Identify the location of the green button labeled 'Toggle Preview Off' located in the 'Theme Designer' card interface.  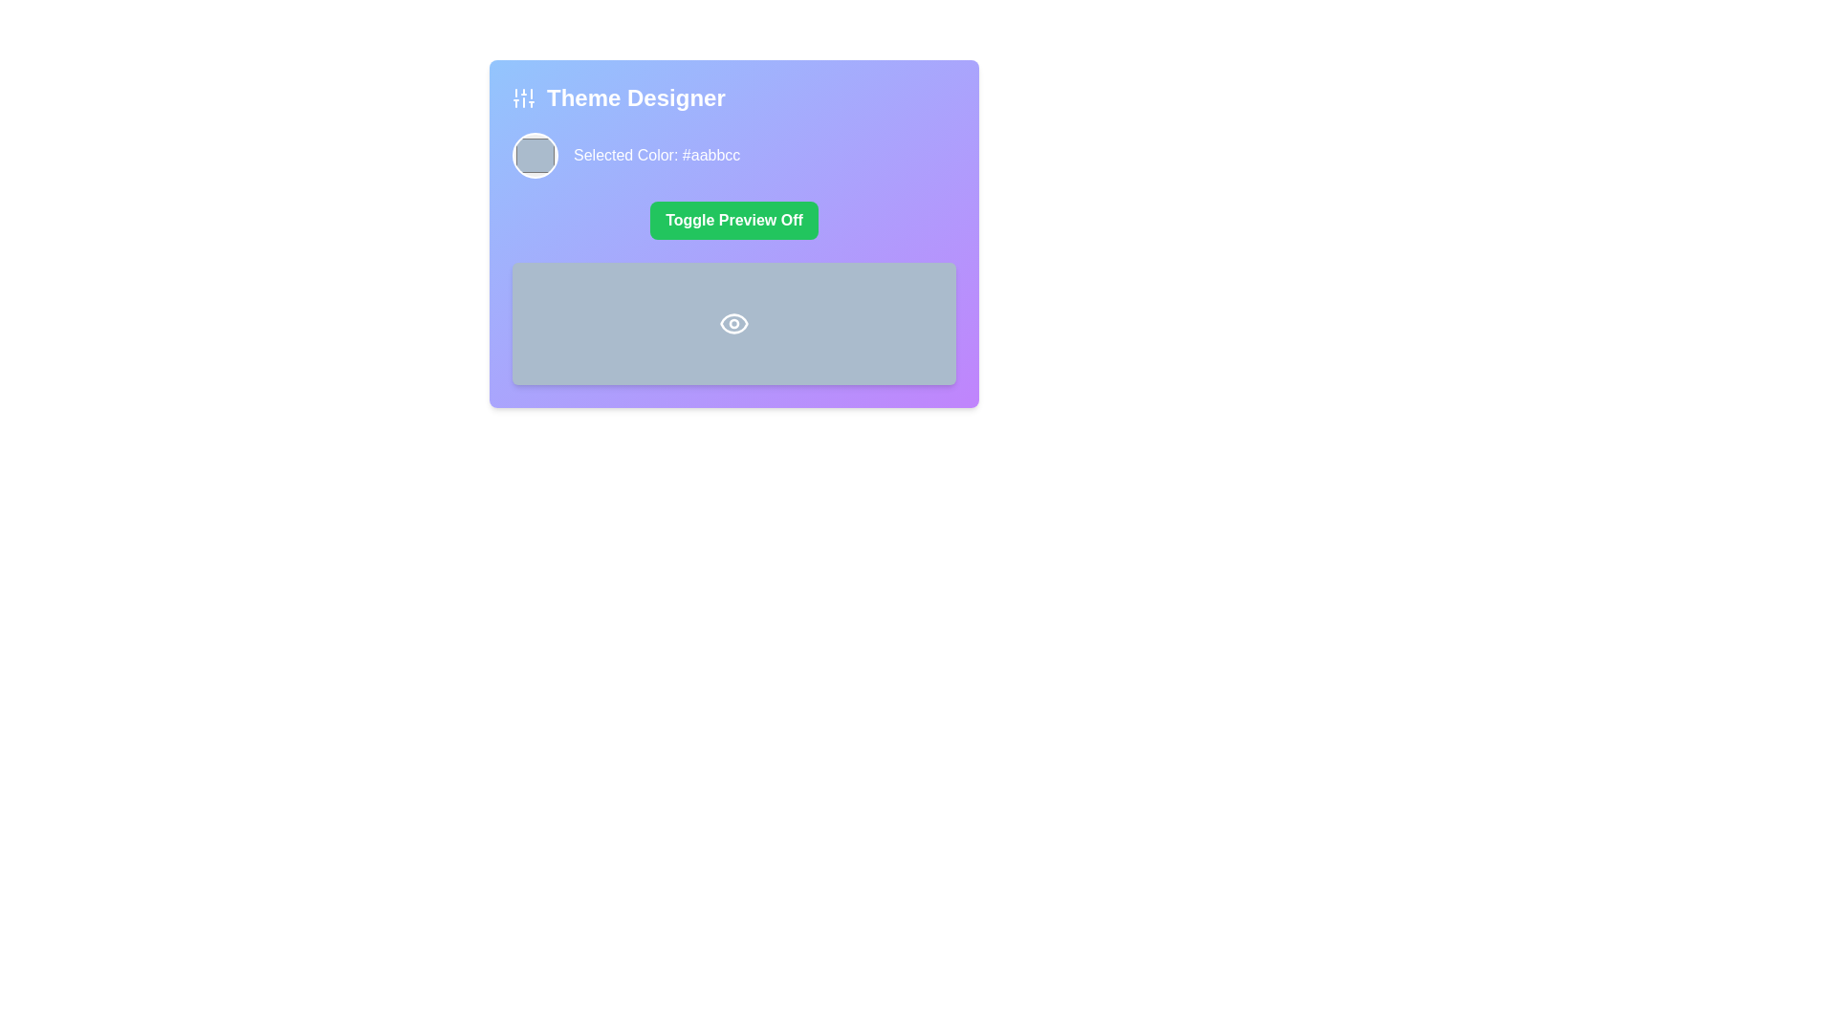
(733, 220).